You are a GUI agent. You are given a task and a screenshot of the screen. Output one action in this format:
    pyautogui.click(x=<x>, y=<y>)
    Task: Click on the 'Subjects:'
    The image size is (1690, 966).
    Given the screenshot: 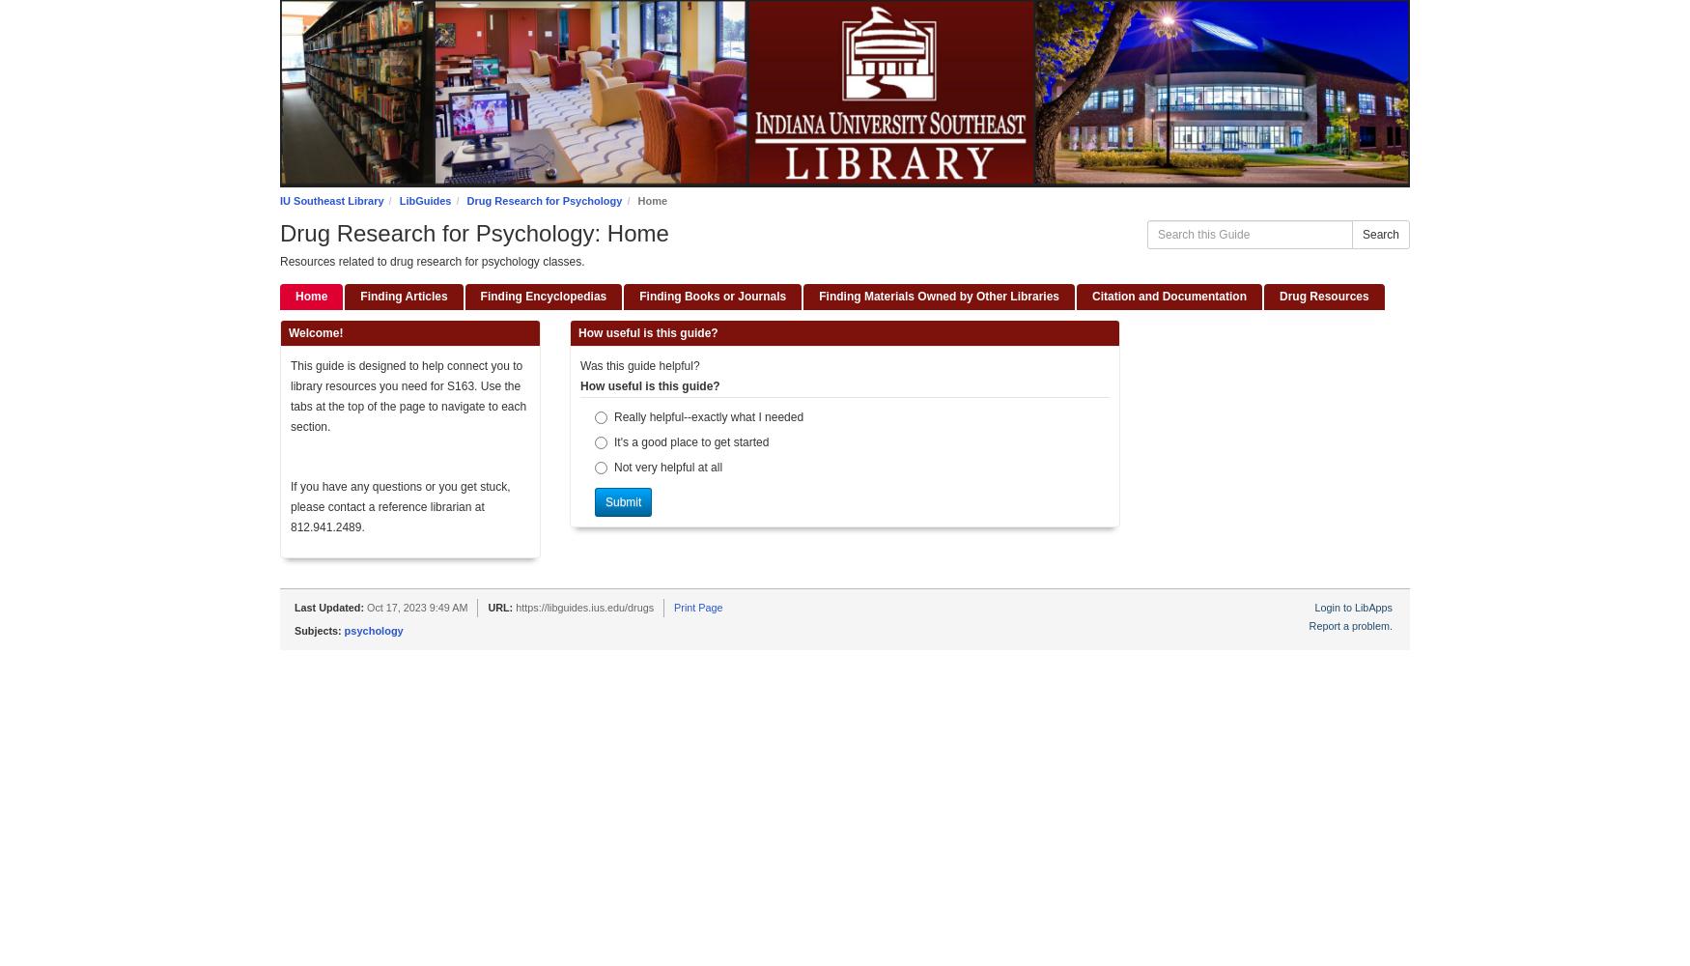 What is the action you would take?
    pyautogui.click(x=319, y=631)
    